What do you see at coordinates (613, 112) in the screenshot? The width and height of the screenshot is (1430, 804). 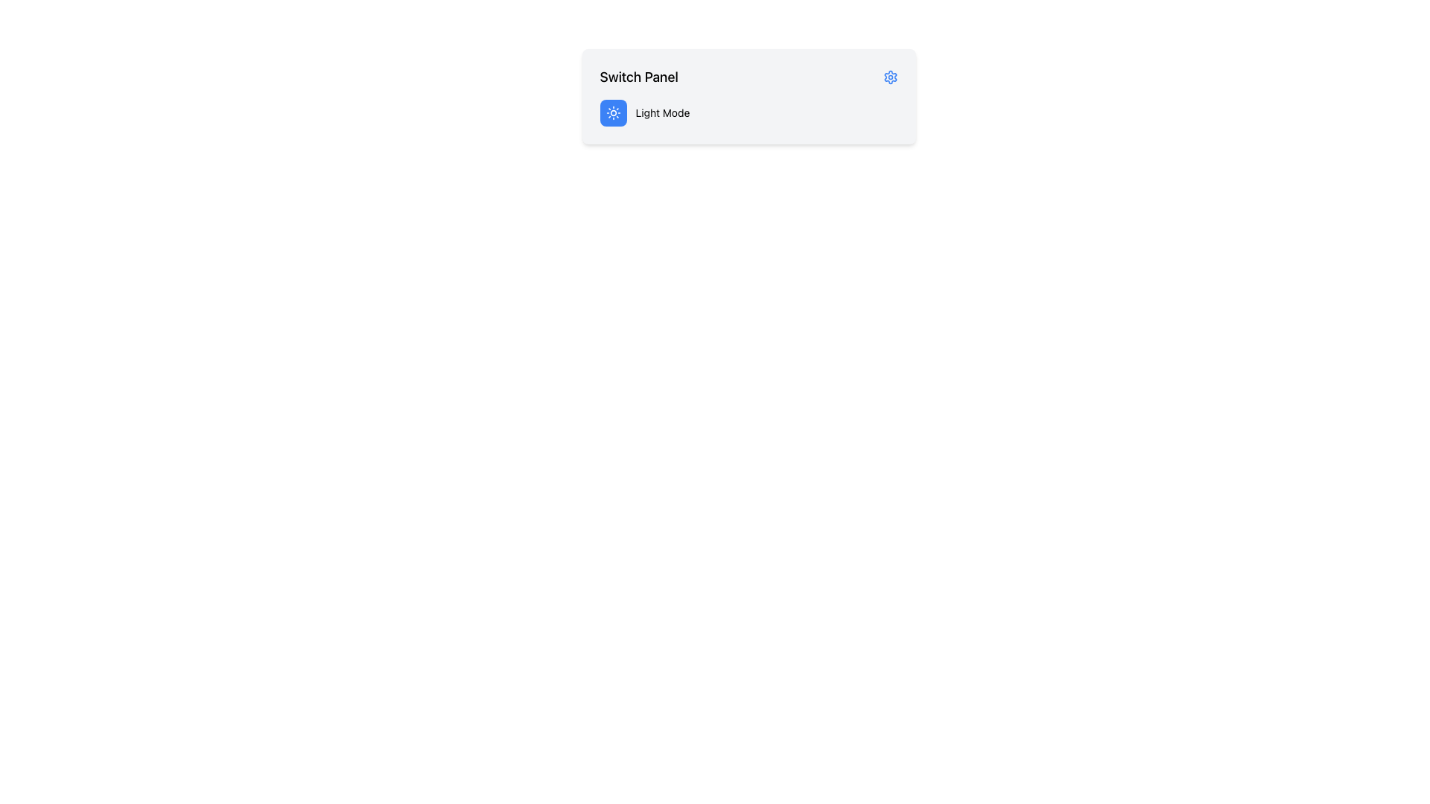 I see `the blue square button with rounded corners containing a sun icon` at bounding box center [613, 112].